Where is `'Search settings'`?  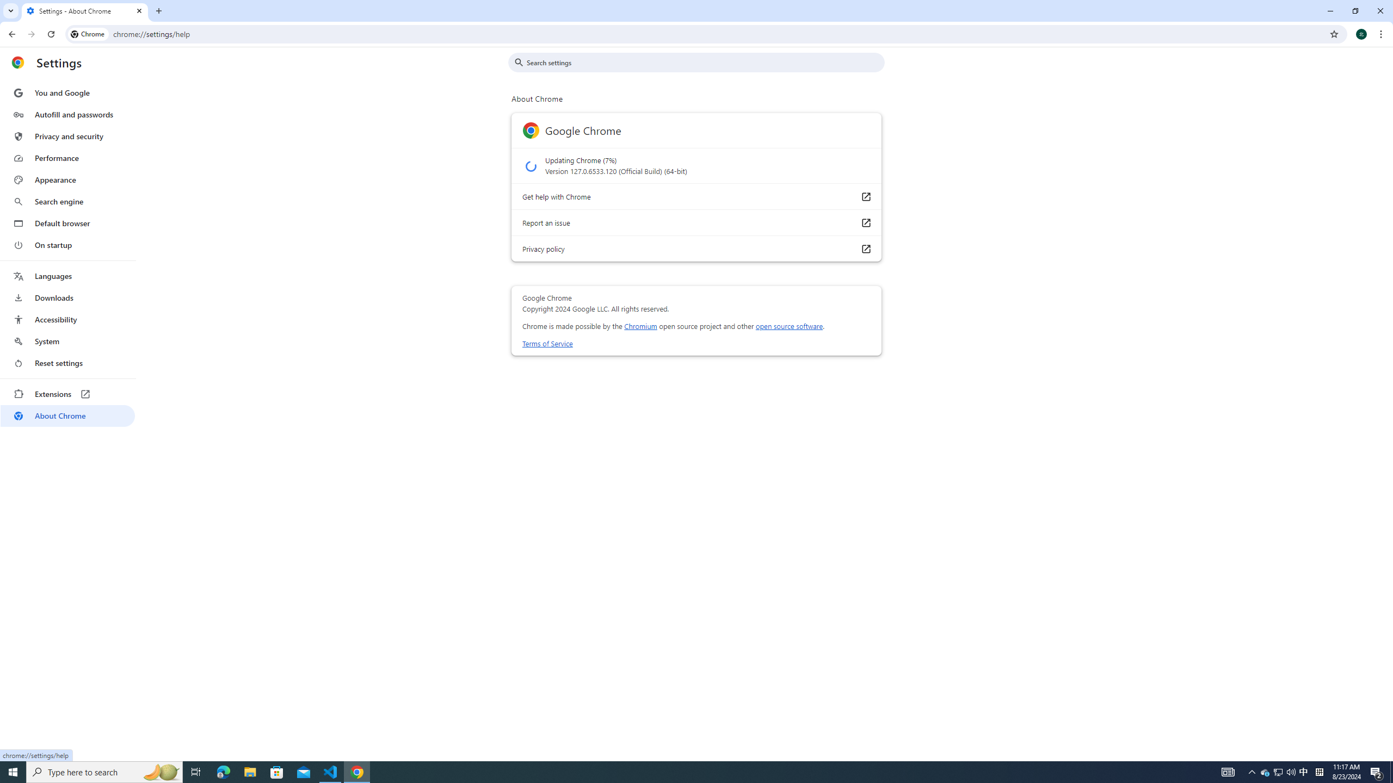 'Search settings' is located at coordinates (704, 62).